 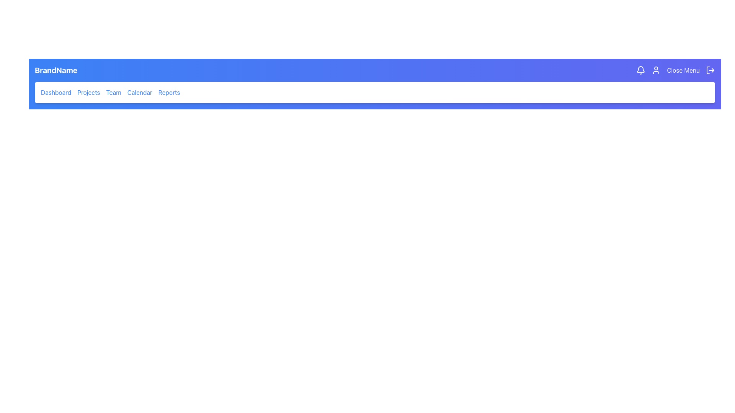 I want to click on the third navigation link in the menu, so click(x=113, y=92).